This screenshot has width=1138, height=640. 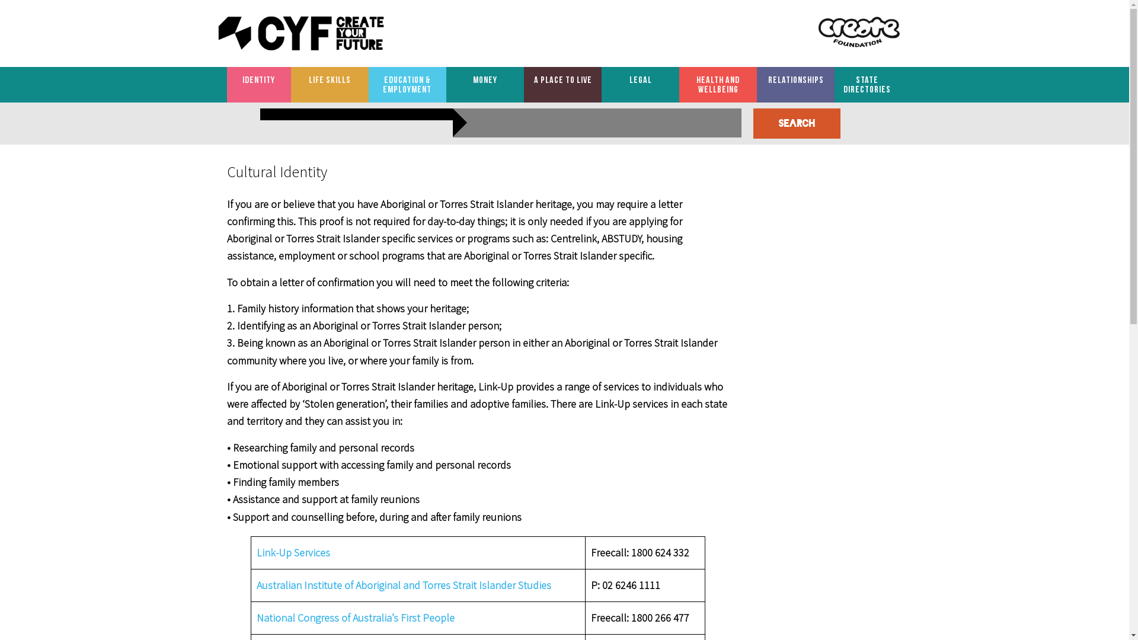 What do you see at coordinates (258, 80) in the screenshot?
I see `'IDENTITY'` at bounding box center [258, 80].